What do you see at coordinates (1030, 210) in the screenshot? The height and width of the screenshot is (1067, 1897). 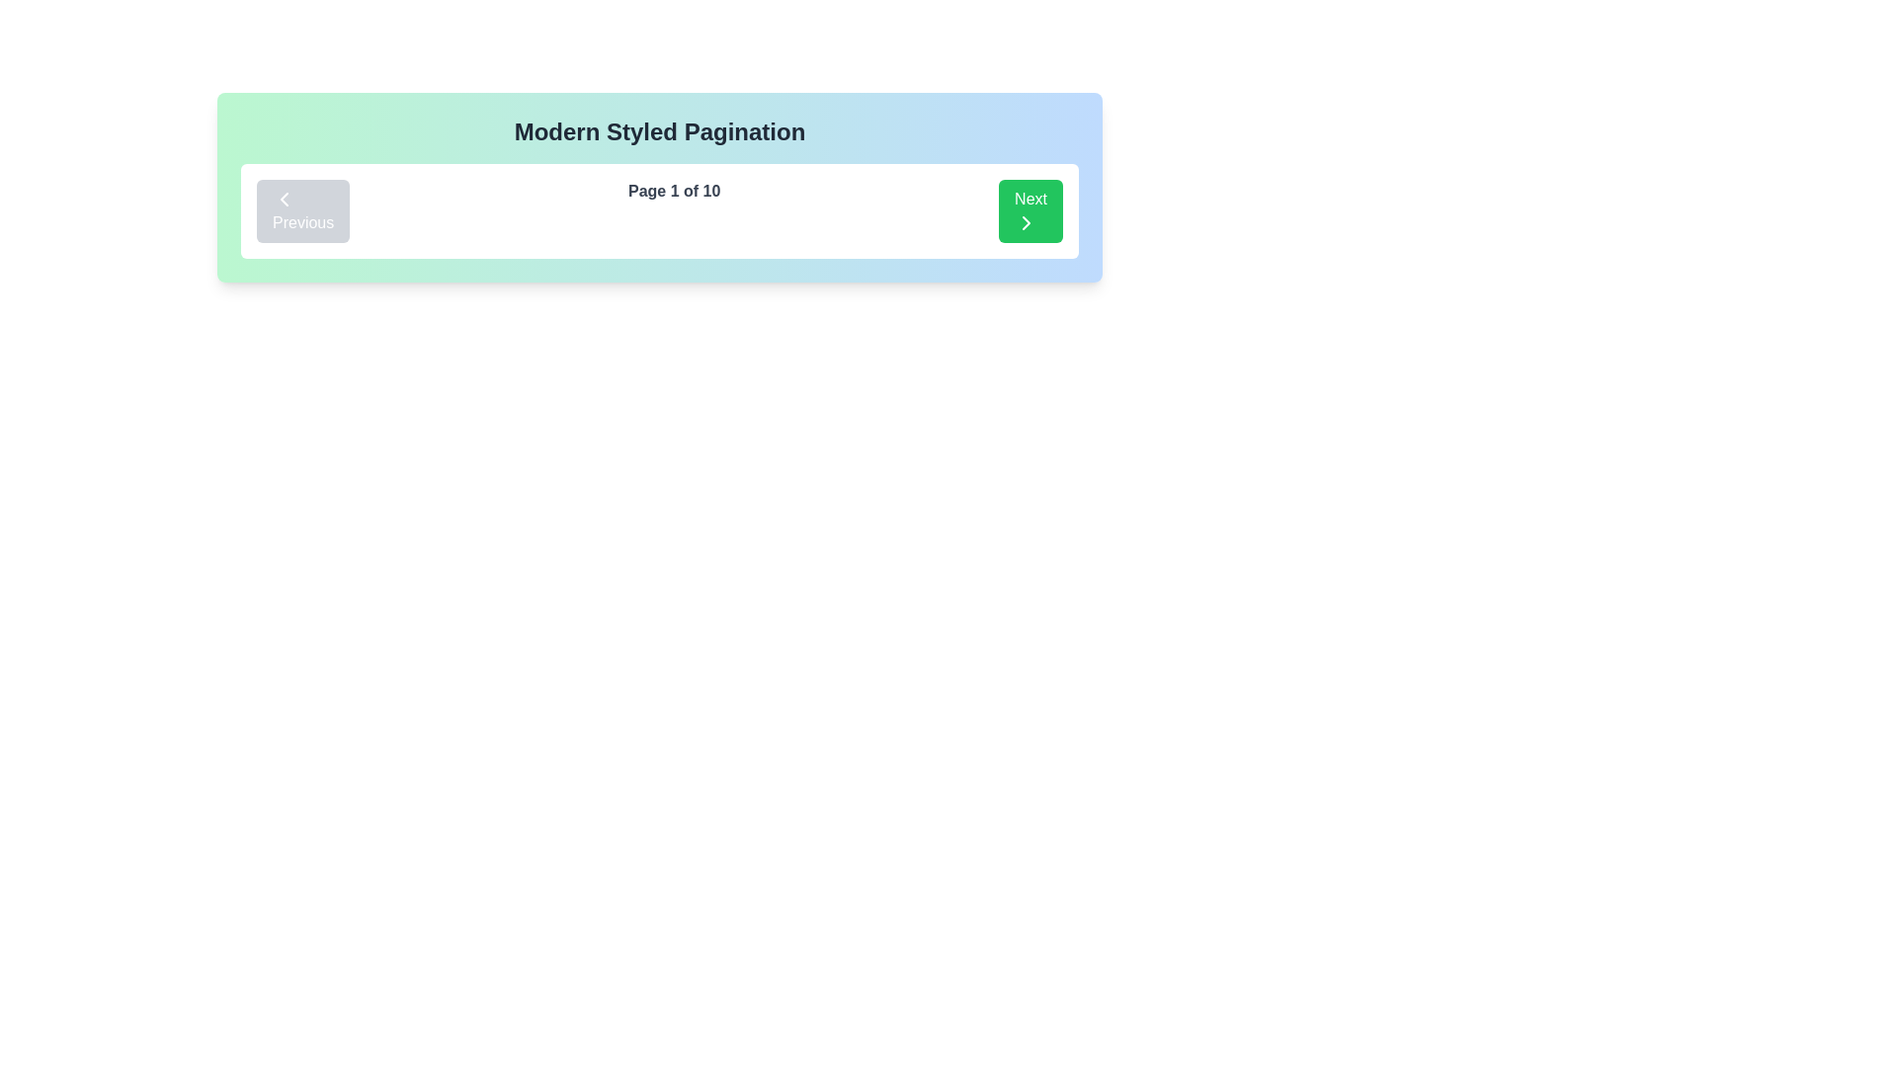 I see `the green rectangular 'Next' button with rounded corners` at bounding box center [1030, 210].